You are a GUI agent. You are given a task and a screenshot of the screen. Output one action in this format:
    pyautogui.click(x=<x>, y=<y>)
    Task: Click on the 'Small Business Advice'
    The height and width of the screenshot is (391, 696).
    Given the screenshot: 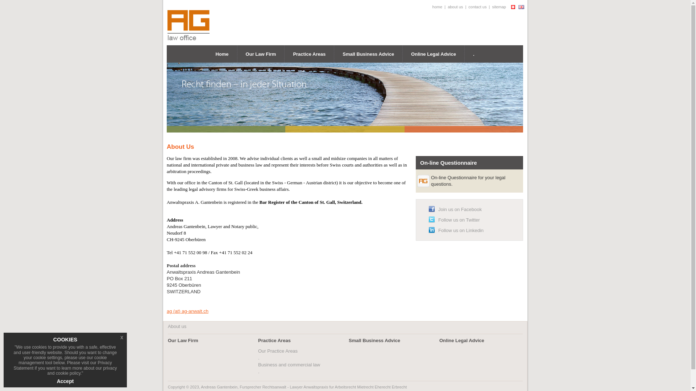 What is the action you would take?
    pyautogui.click(x=368, y=54)
    